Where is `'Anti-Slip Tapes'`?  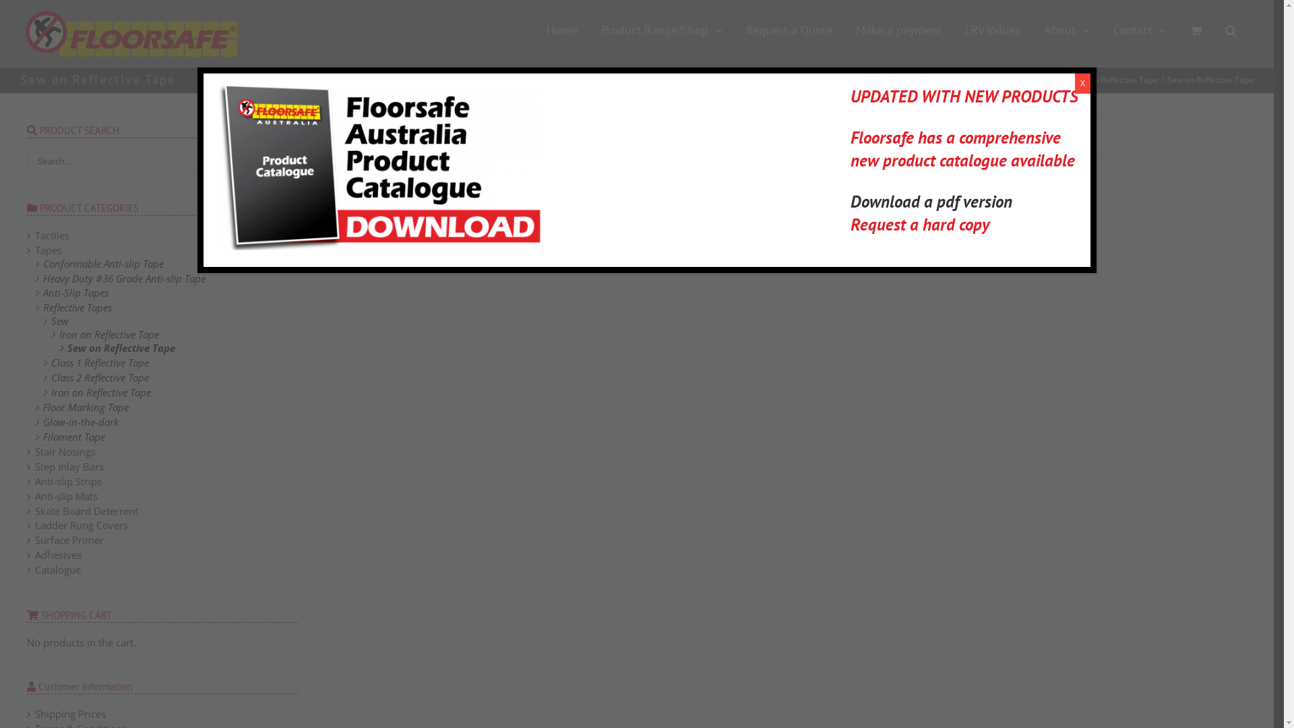 'Anti-Slip Tapes' is located at coordinates (42, 292).